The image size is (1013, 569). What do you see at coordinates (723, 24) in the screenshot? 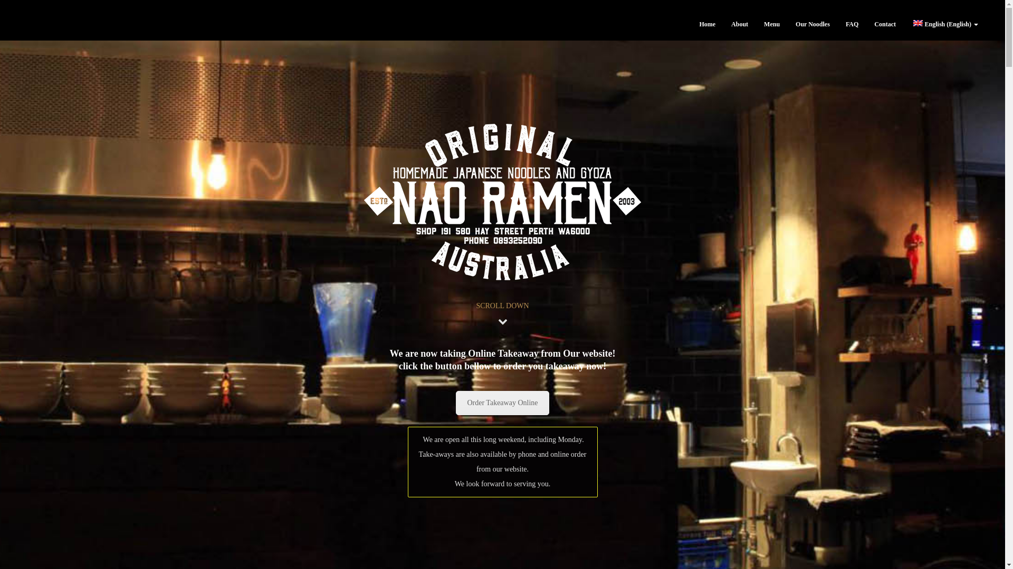
I see `'About'` at bounding box center [723, 24].